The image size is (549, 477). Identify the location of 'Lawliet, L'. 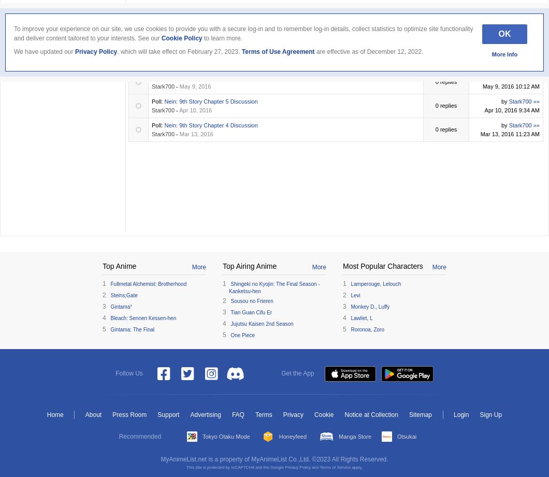
(361, 317).